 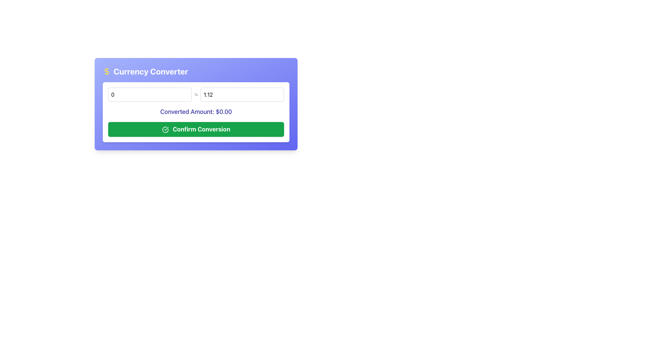 What do you see at coordinates (165, 130) in the screenshot?
I see `the green button labeled 'Confirm Conversion' to trigger tooltip effects, which is located near the center-bottom of the currency converter widget` at bounding box center [165, 130].